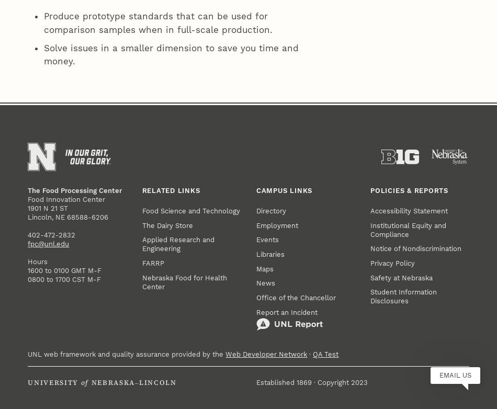 This screenshot has height=409, width=497. Describe the element at coordinates (287, 146) in the screenshot. I see `'Report an Incident'` at that location.